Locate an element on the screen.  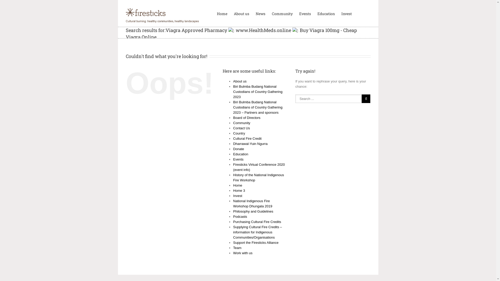
'Purchasing Cultural Fire Credits' is located at coordinates (233, 222).